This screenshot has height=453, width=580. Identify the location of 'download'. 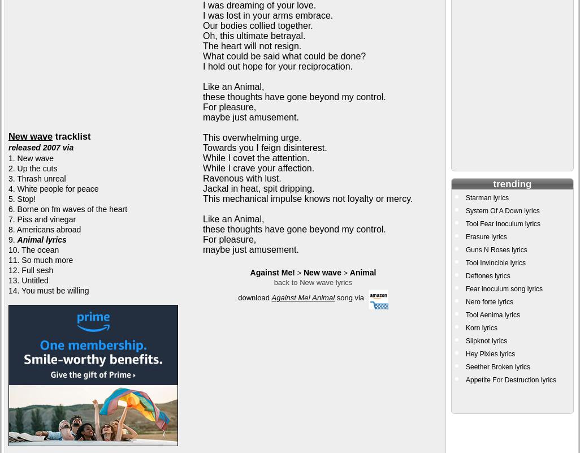
(237, 297).